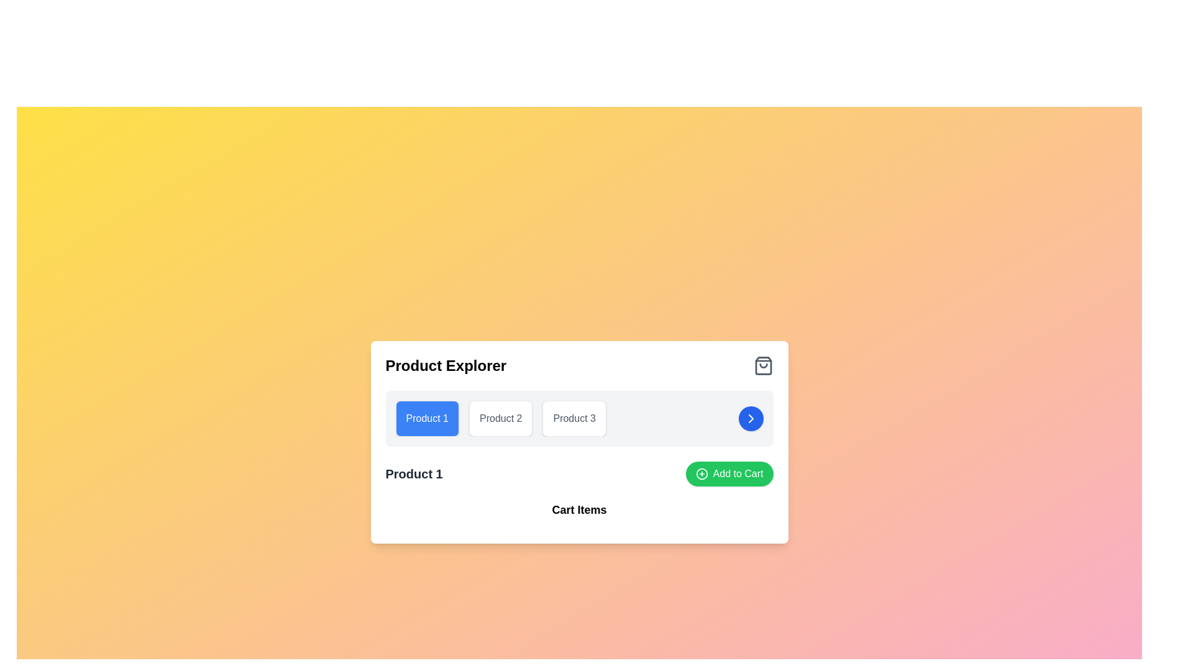 The width and height of the screenshot is (1193, 671). I want to click on the selectable product tile representing 'Product 2' in the 'Product Explorer' interface, so click(501, 419).